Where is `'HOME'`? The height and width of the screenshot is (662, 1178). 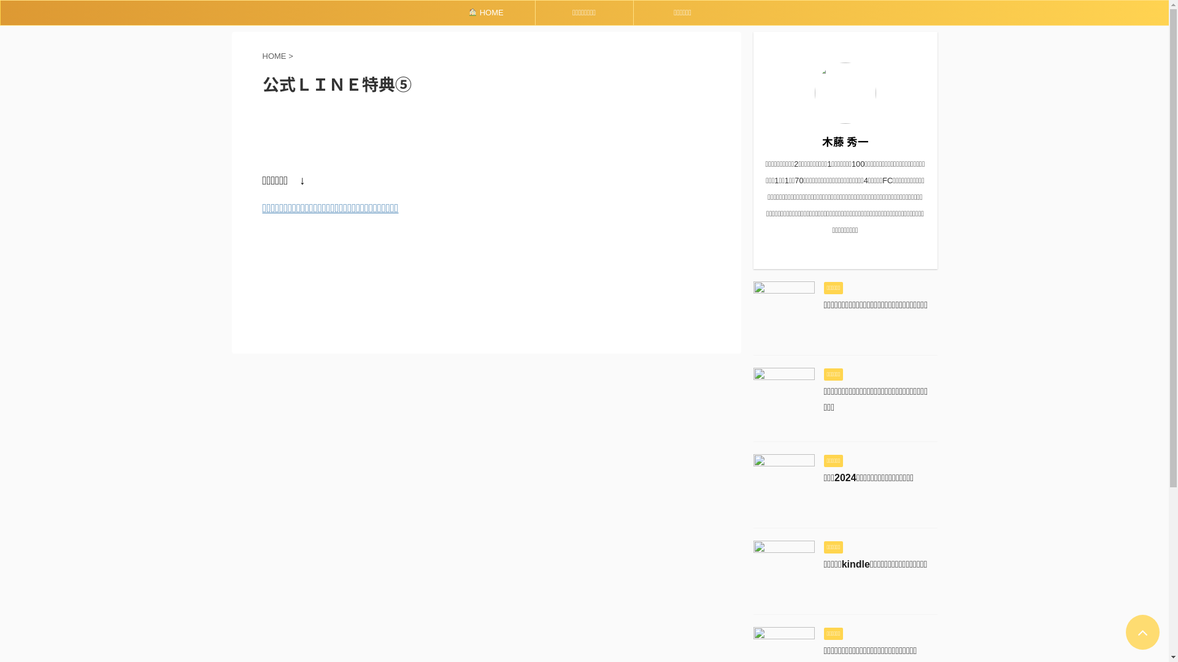
'HOME' is located at coordinates (485, 12).